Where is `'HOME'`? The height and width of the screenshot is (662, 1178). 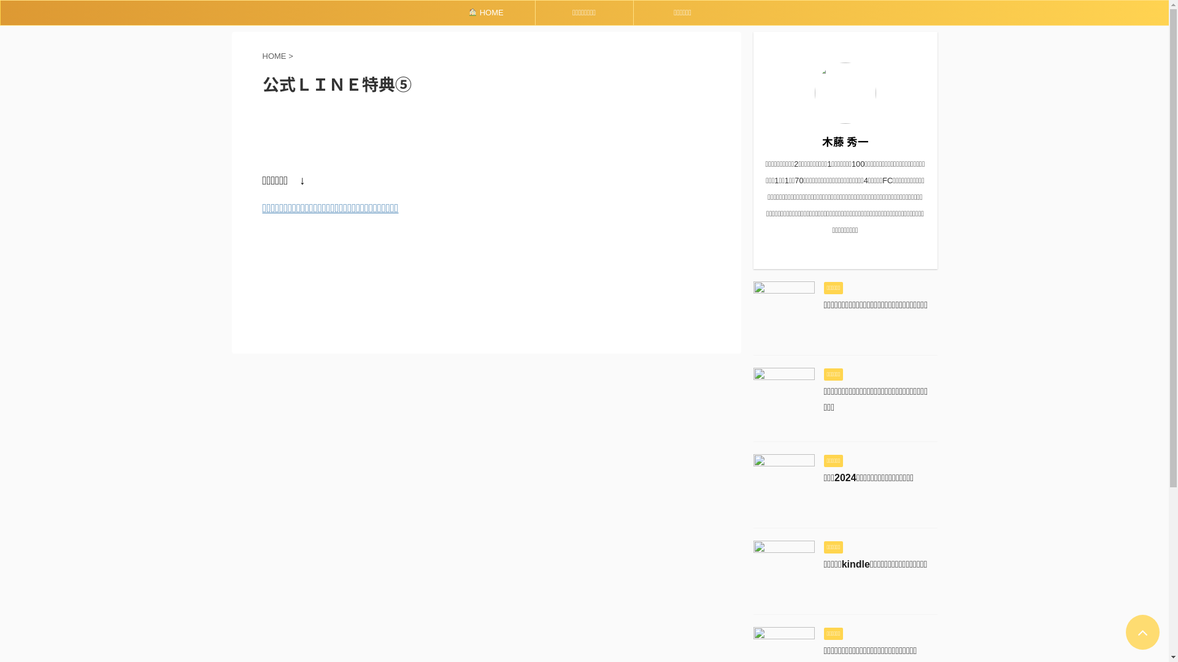
'HOME' is located at coordinates (485, 12).